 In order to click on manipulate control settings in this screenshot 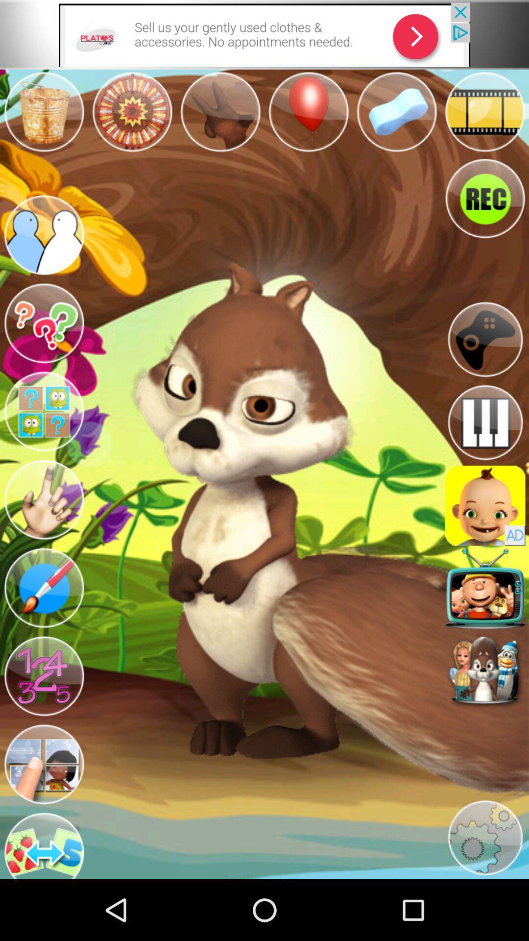, I will do `click(485, 339)`.